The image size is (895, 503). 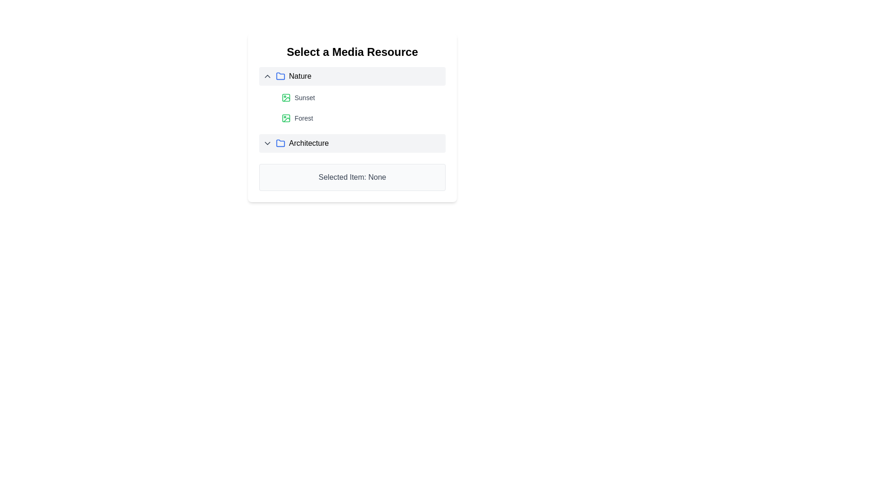 I want to click on the 'Architecture' folder item in the expandable tree list, so click(x=351, y=143).